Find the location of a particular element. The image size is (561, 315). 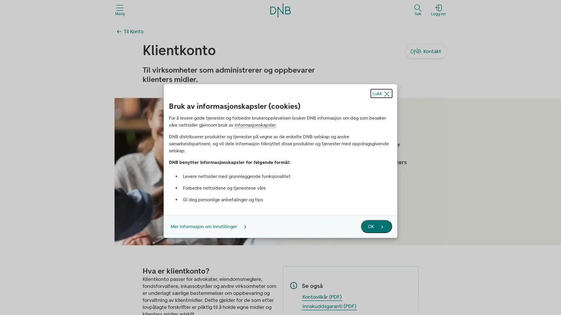

OK is located at coordinates (376, 226).